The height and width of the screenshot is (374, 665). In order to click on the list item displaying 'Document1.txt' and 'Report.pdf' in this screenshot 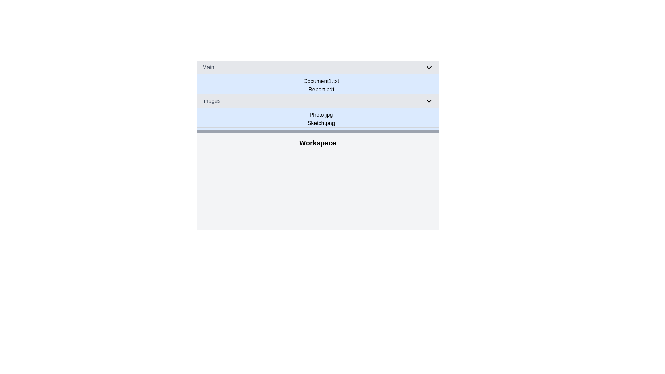, I will do `click(321, 85)`.